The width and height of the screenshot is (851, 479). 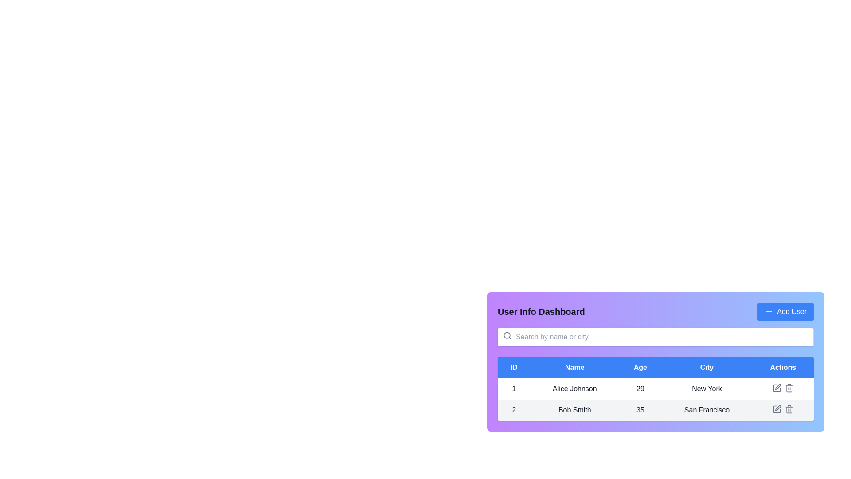 I want to click on the 'Name' column header cell located in the second column of the header row in the table, which is positioned to the right of the 'ID' cell and to the left of the 'Age' cell, so click(x=574, y=368).